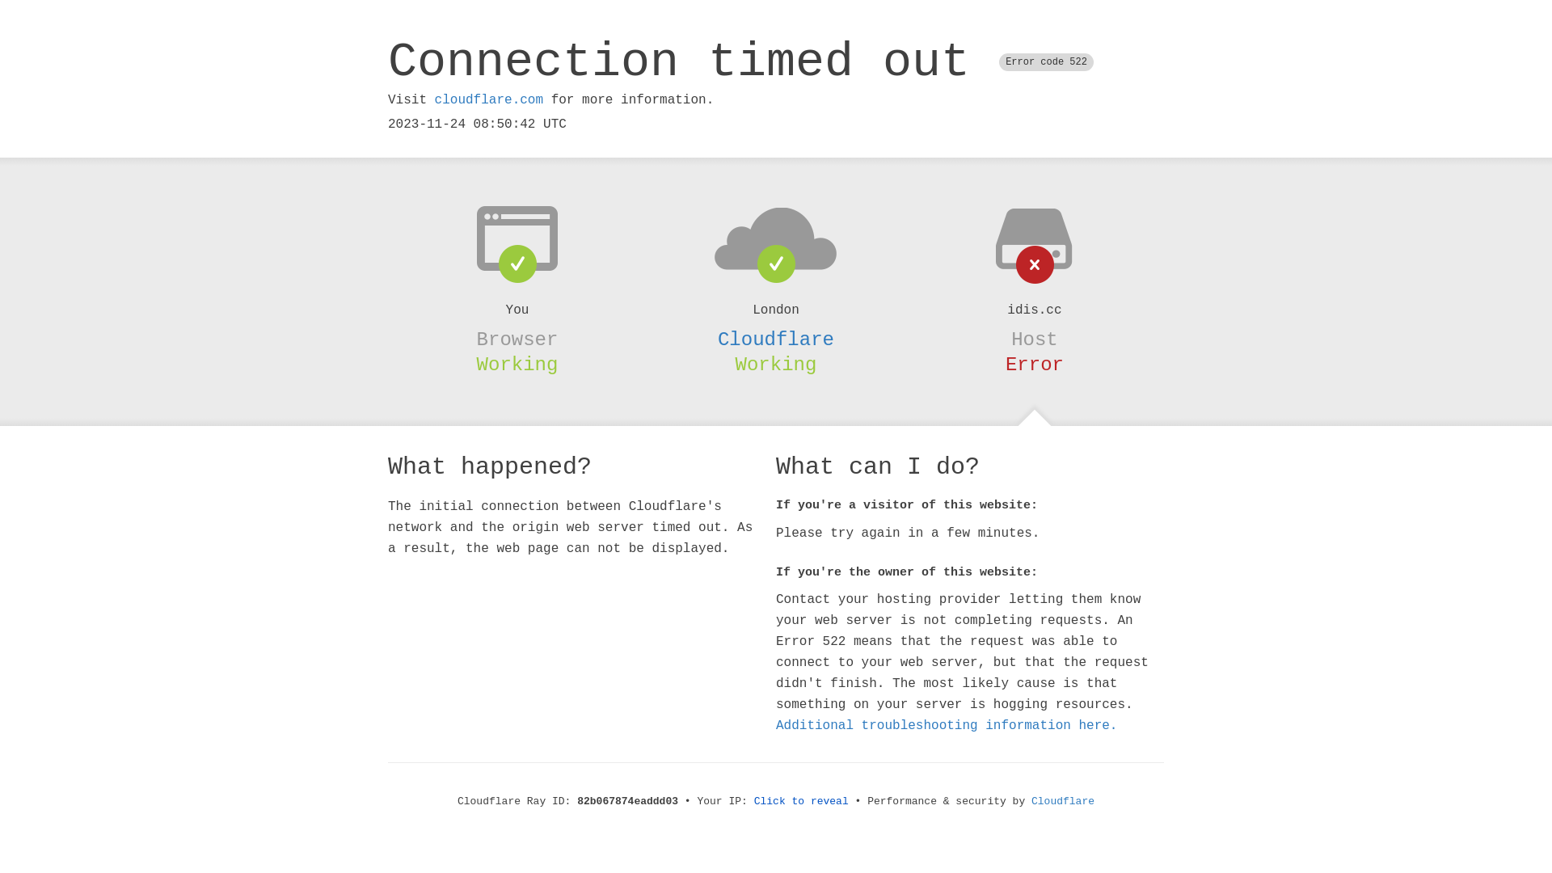  I want to click on 'Cloudflare', so click(776, 339).